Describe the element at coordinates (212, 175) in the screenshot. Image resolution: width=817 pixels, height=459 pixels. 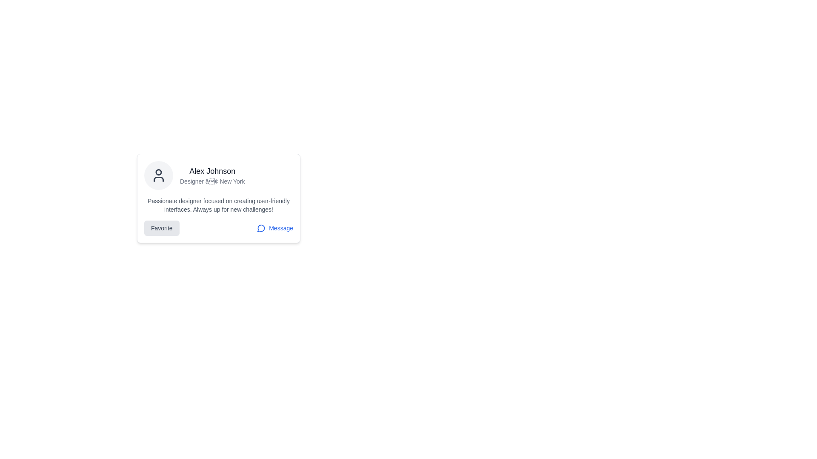
I see `the Text Content Display that shows the user's name and professional information, which is centrally located within a card layout, adjacent to a user avatar icon on the left` at that location.